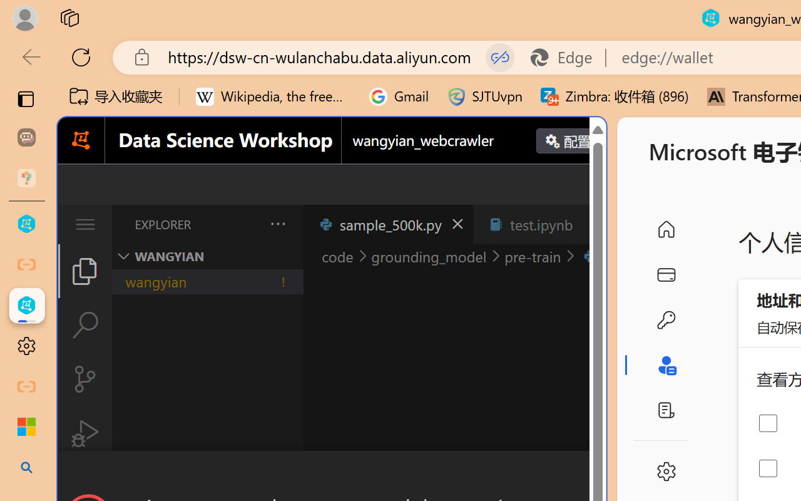  Describe the element at coordinates (273, 96) in the screenshot. I see `'Wikipedia, the free encyclopedia'` at that location.